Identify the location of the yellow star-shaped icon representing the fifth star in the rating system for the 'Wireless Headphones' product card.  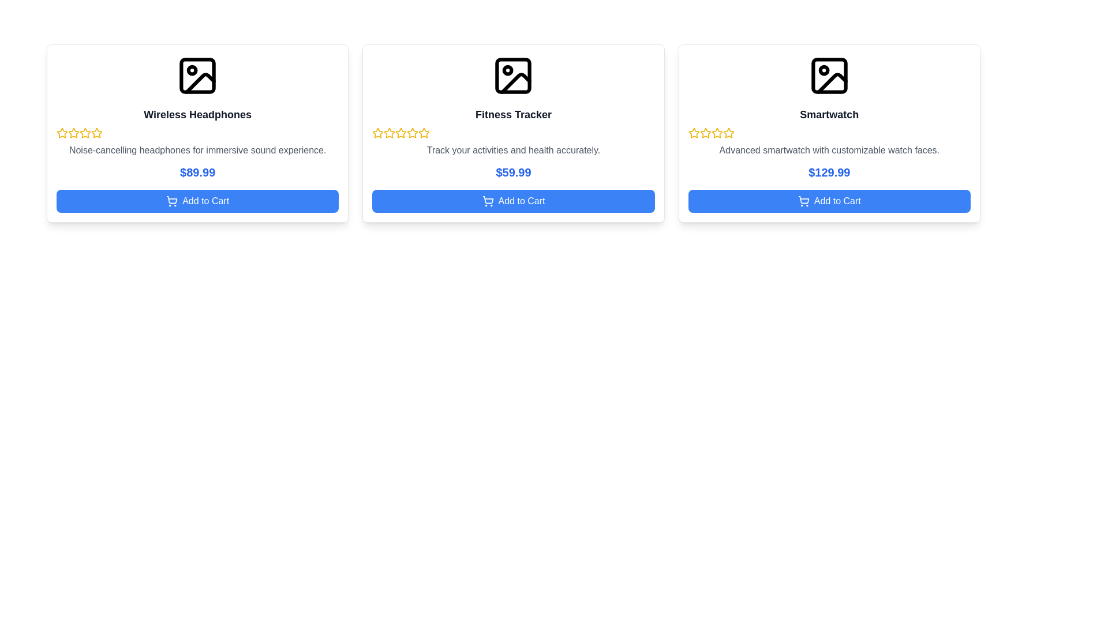
(97, 133).